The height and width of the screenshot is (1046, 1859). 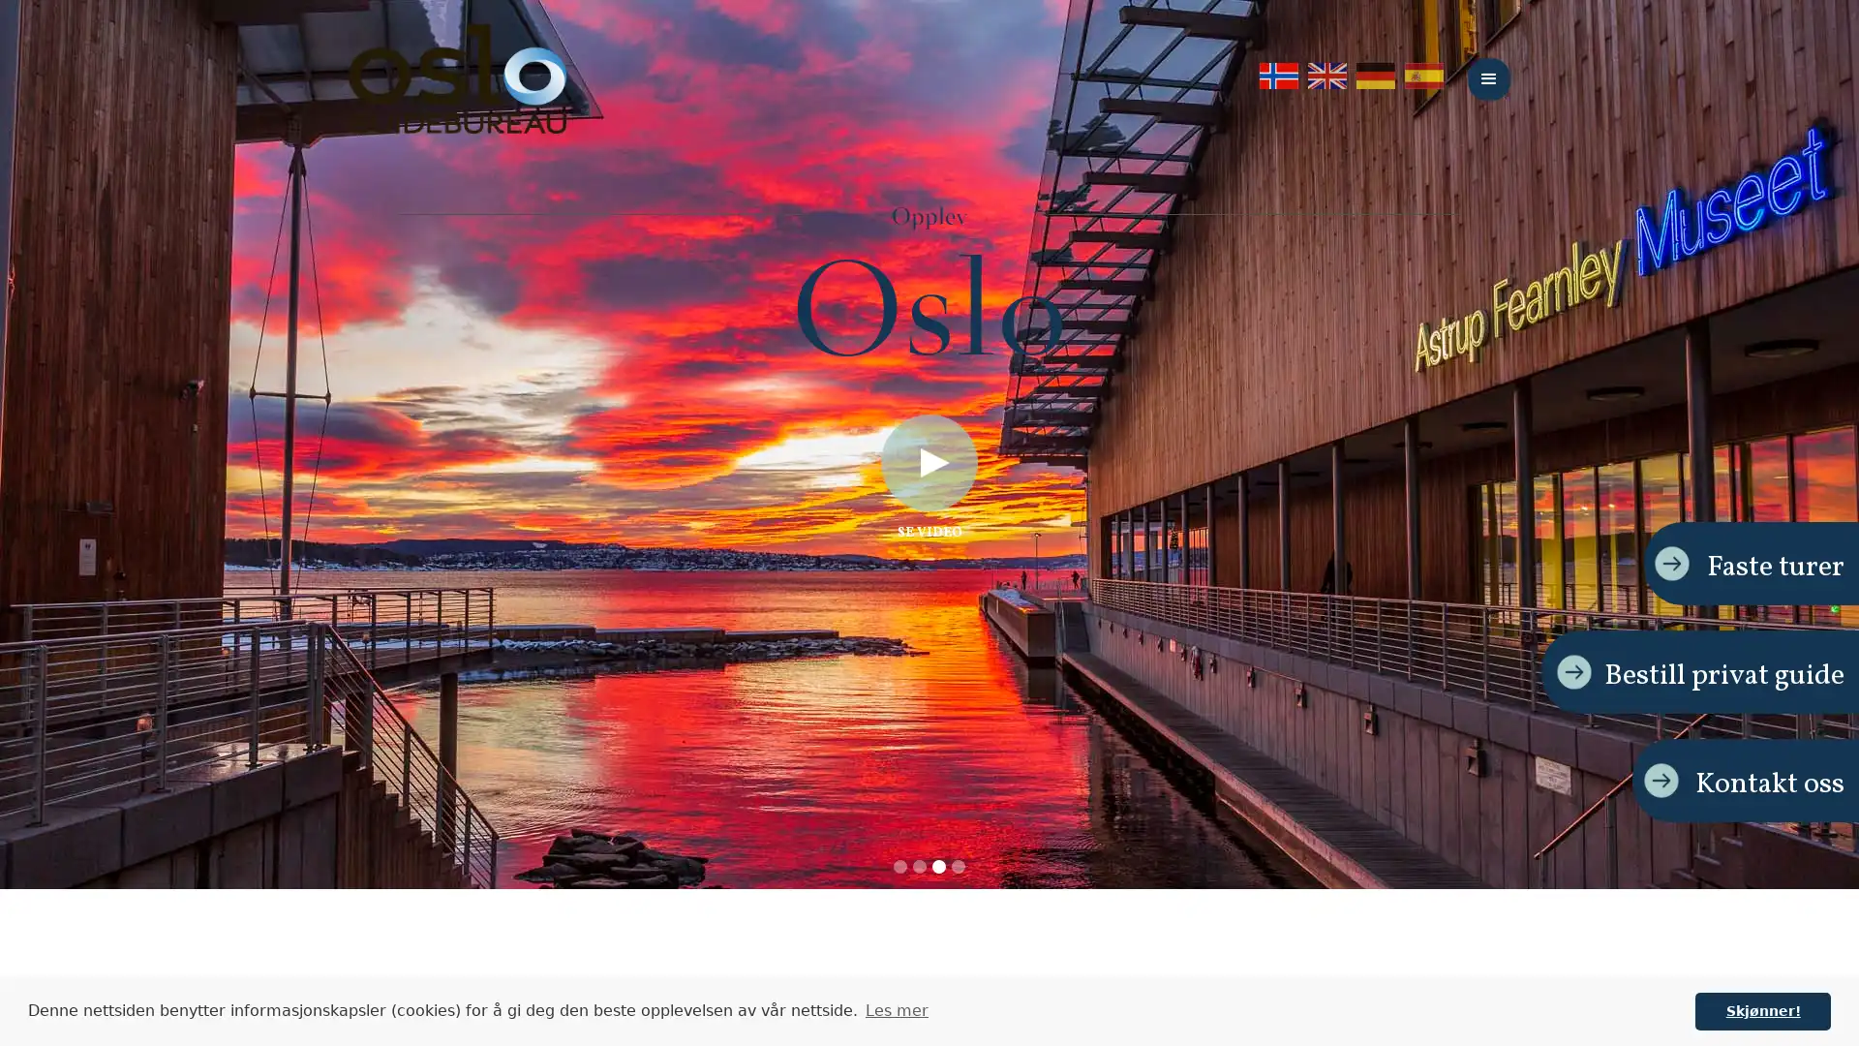 What do you see at coordinates (1762, 1010) in the screenshot?
I see `dismiss cookie message` at bounding box center [1762, 1010].